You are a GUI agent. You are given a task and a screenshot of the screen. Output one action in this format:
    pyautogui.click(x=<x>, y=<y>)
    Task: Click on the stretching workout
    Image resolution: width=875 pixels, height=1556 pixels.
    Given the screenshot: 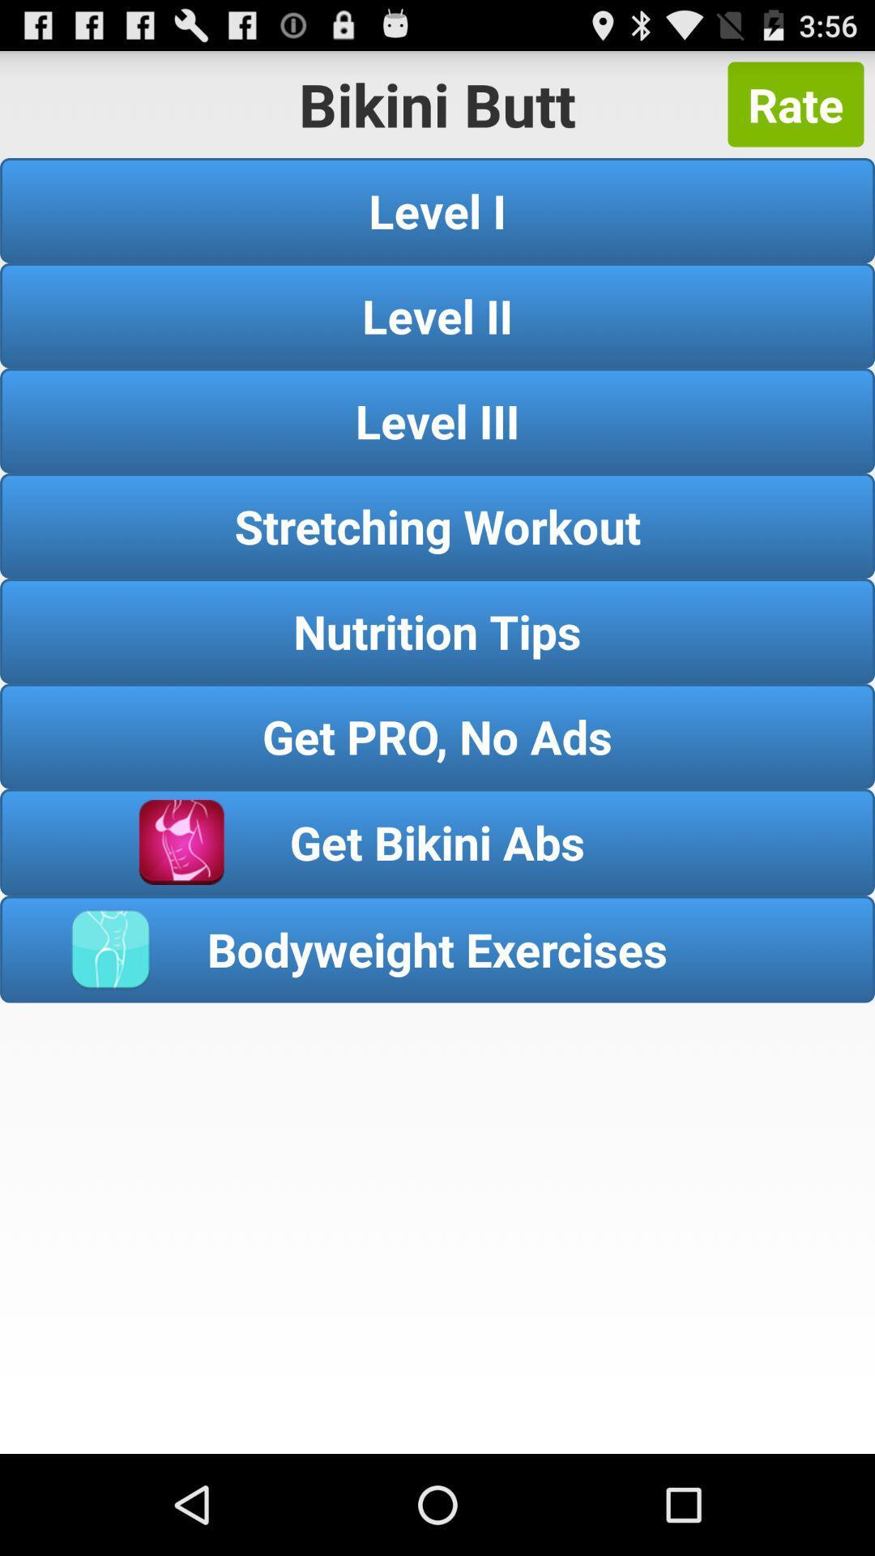 What is the action you would take?
    pyautogui.click(x=437, y=526)
    